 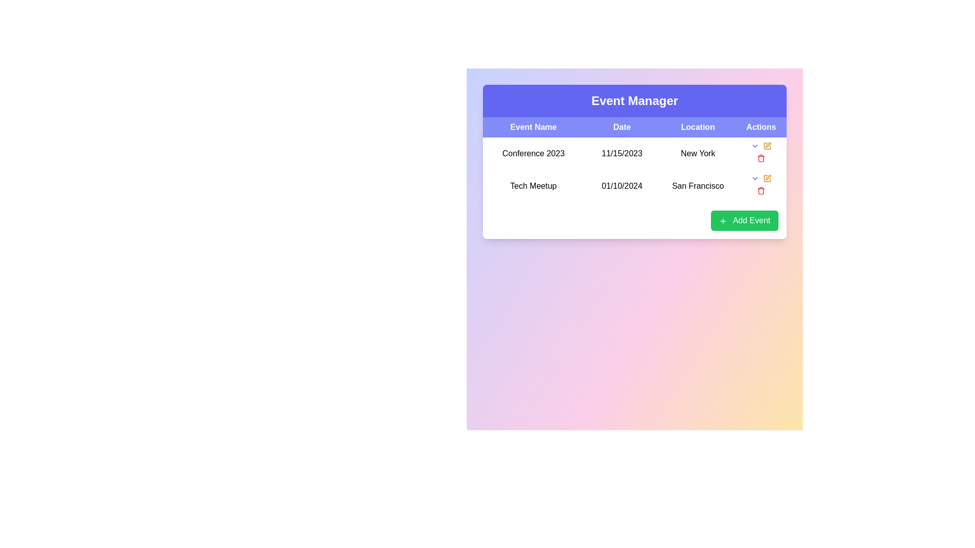 I want to click on the plus symbol icon within the green 'Add Event' button located under the 'Event Manager' section, so click(x=722, y=220).